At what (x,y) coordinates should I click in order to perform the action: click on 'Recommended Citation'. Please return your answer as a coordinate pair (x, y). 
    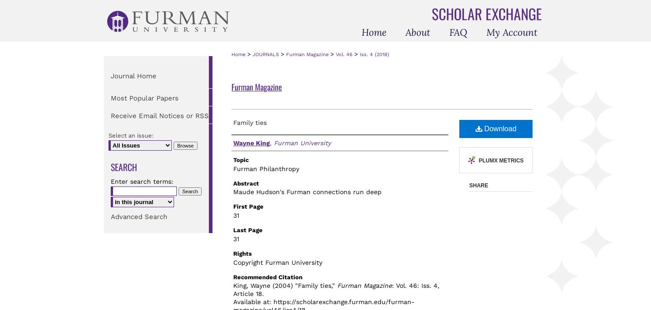
    Looking at the image, I should click on (268, 277).